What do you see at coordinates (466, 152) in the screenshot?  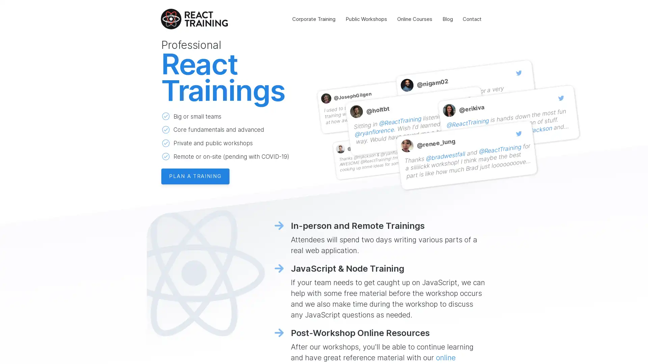 I see `Twitter Avatar for renee_lung @renee_lung Thanks@bradwestfalland@ReactTrainingforasiiiiickkworkshop!IthinkmaybethebestpartislikehowmuchBradjustloooooooovesReacthahaha` at bounding box center [466, 152].